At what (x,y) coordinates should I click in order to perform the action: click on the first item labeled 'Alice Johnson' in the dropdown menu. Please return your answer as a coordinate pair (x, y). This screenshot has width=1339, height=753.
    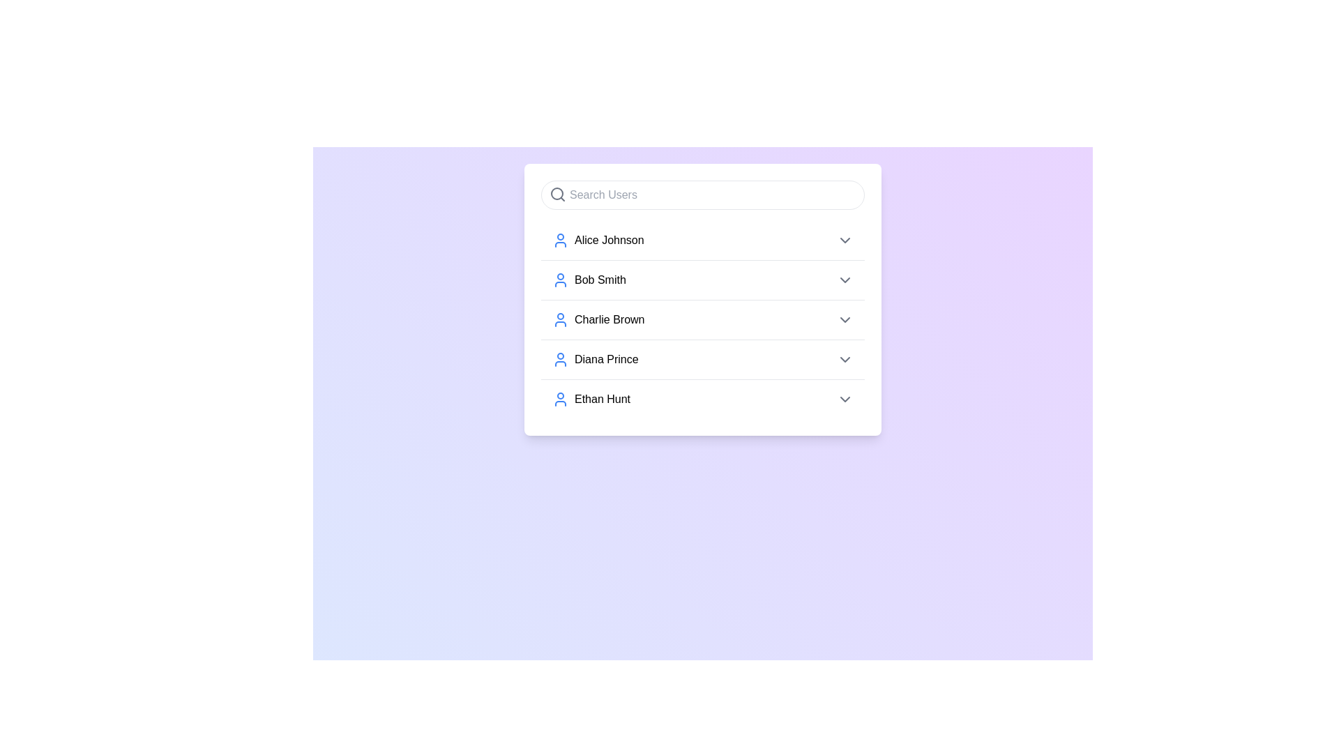
    Looking at the image, I should click on (703, 239).